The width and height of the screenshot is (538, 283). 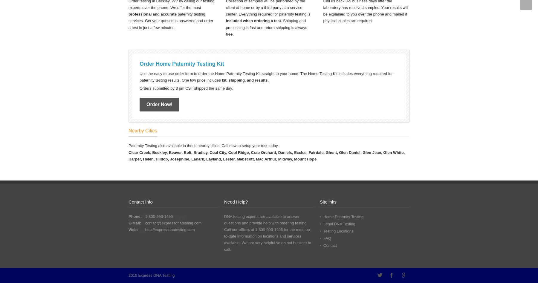 What do you see at coordinates (134, 222) in the screenshot?
I see `'E-Mail:'` at bounding box center [134, 222].